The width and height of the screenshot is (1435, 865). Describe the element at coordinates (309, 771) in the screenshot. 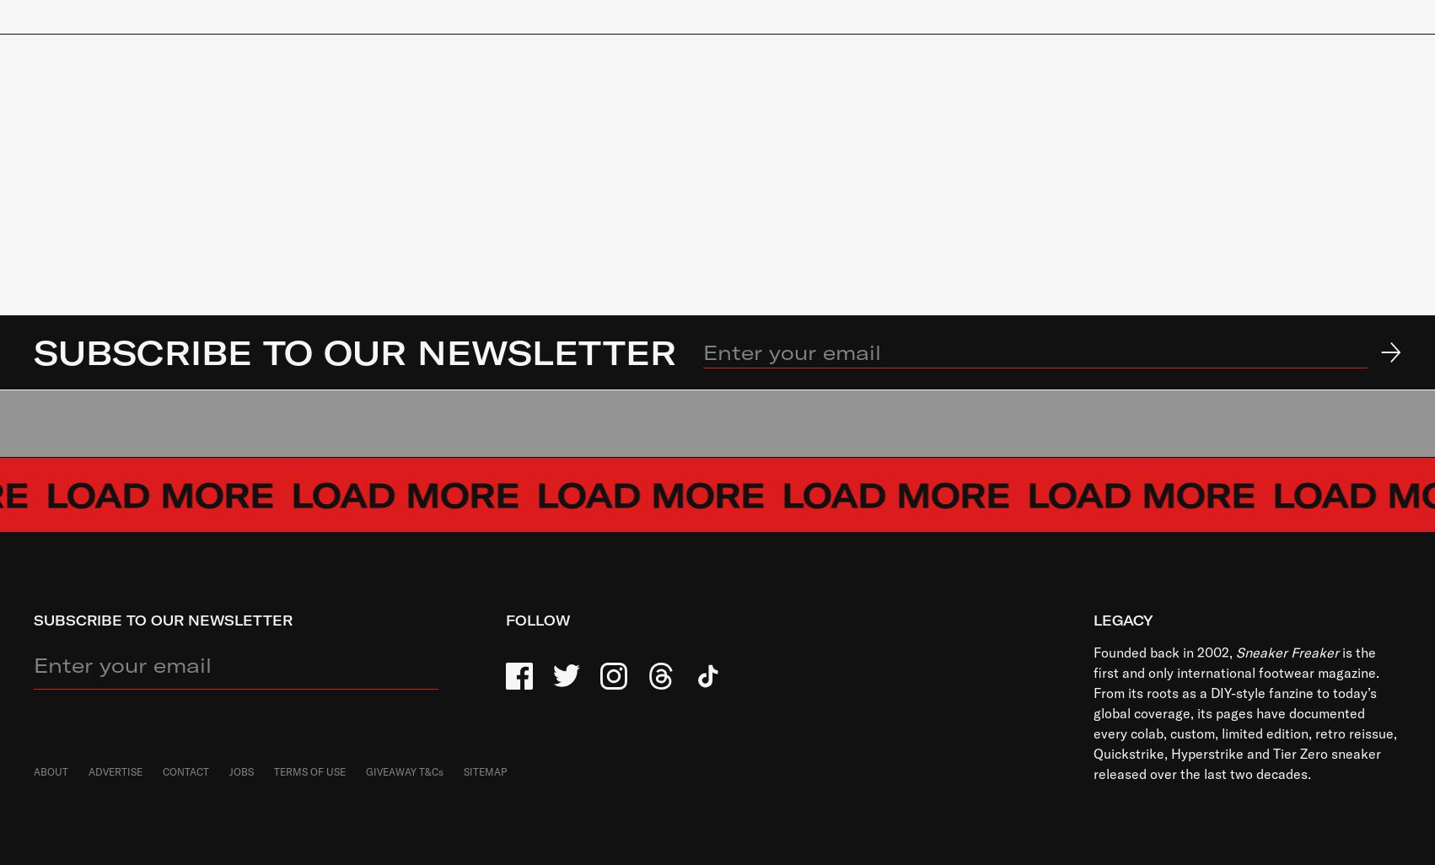

I see `'TERMS OF USE'` at that location.